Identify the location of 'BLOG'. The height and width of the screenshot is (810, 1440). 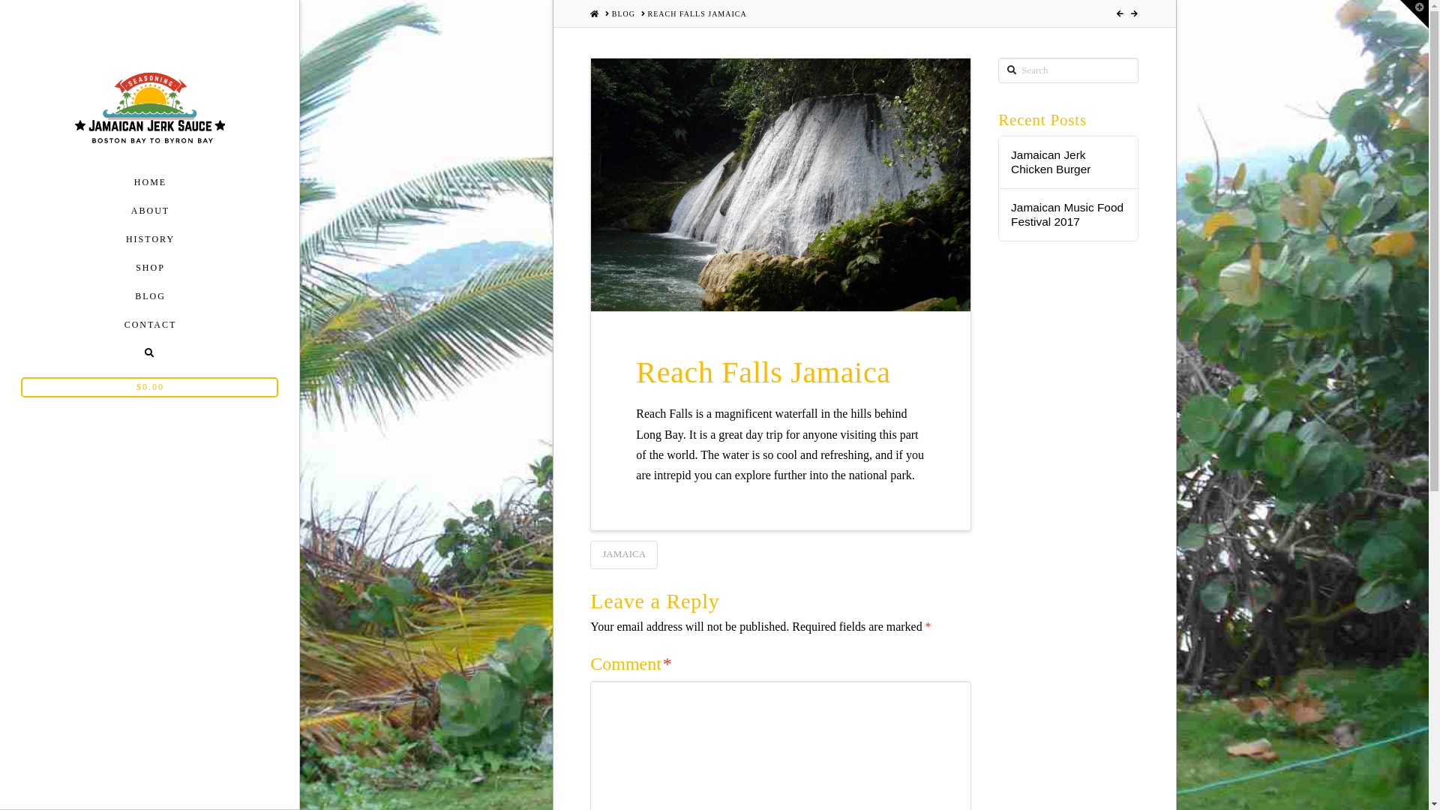
(623, 14).